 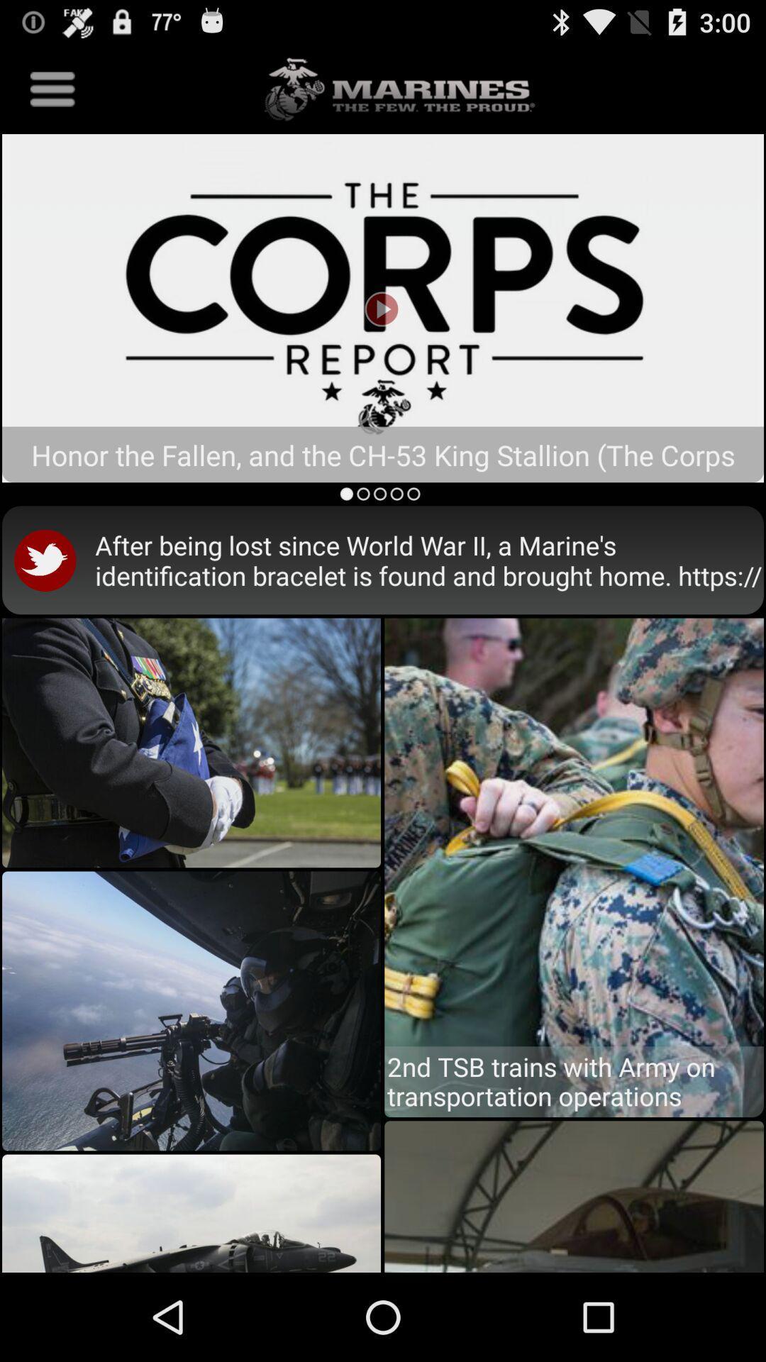 I want to click on the crops report, so click(x=383, y=307).